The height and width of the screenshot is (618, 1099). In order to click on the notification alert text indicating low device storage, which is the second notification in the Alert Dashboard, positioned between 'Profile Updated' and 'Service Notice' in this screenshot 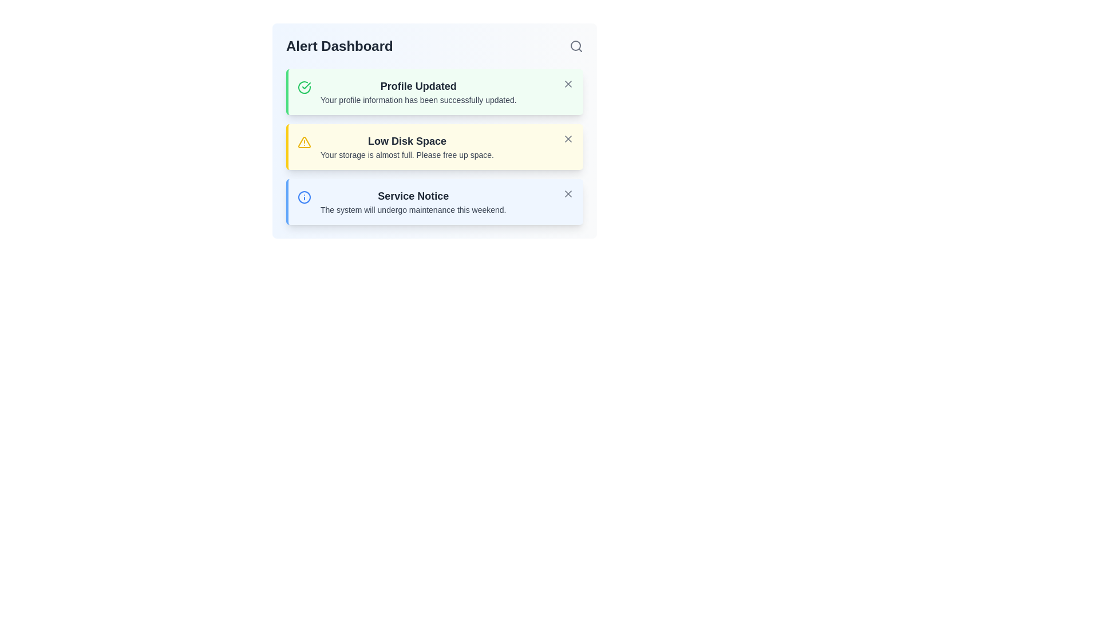, I will do `click(407, 146)`.